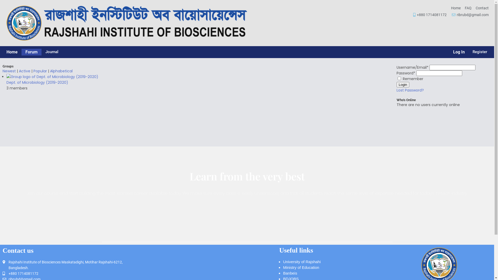 This screenshot has width=498, height=280. I want to click on 'Register', so click(479, 52).